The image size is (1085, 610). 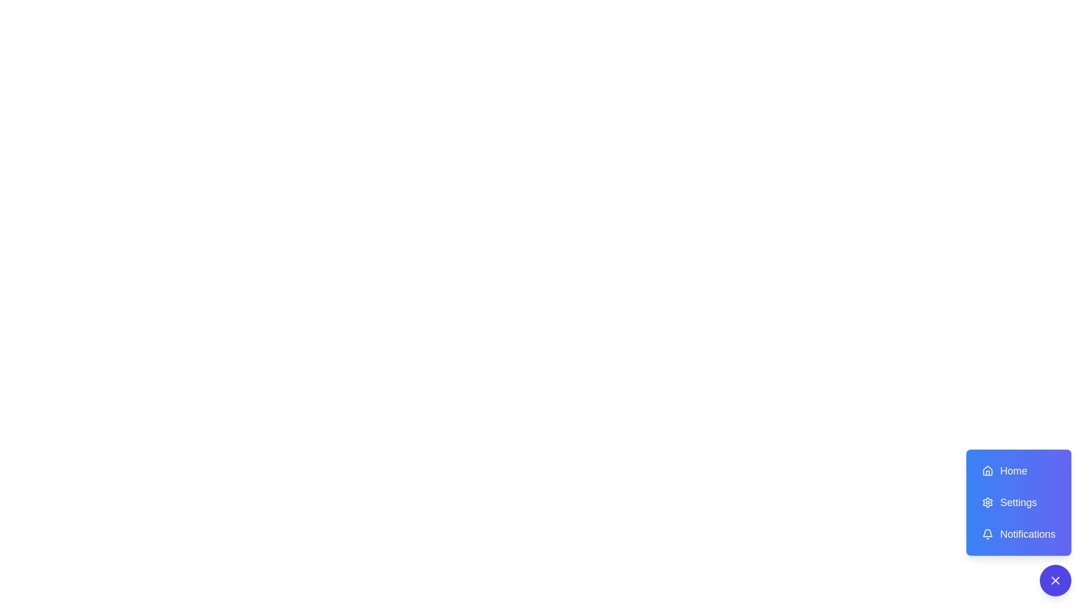 I want to click on the 'Notifications' button, which has a blue background, white text, and a bell icon, located in the bottom-right menu below 'Settings', so click(x=1019, y=534).